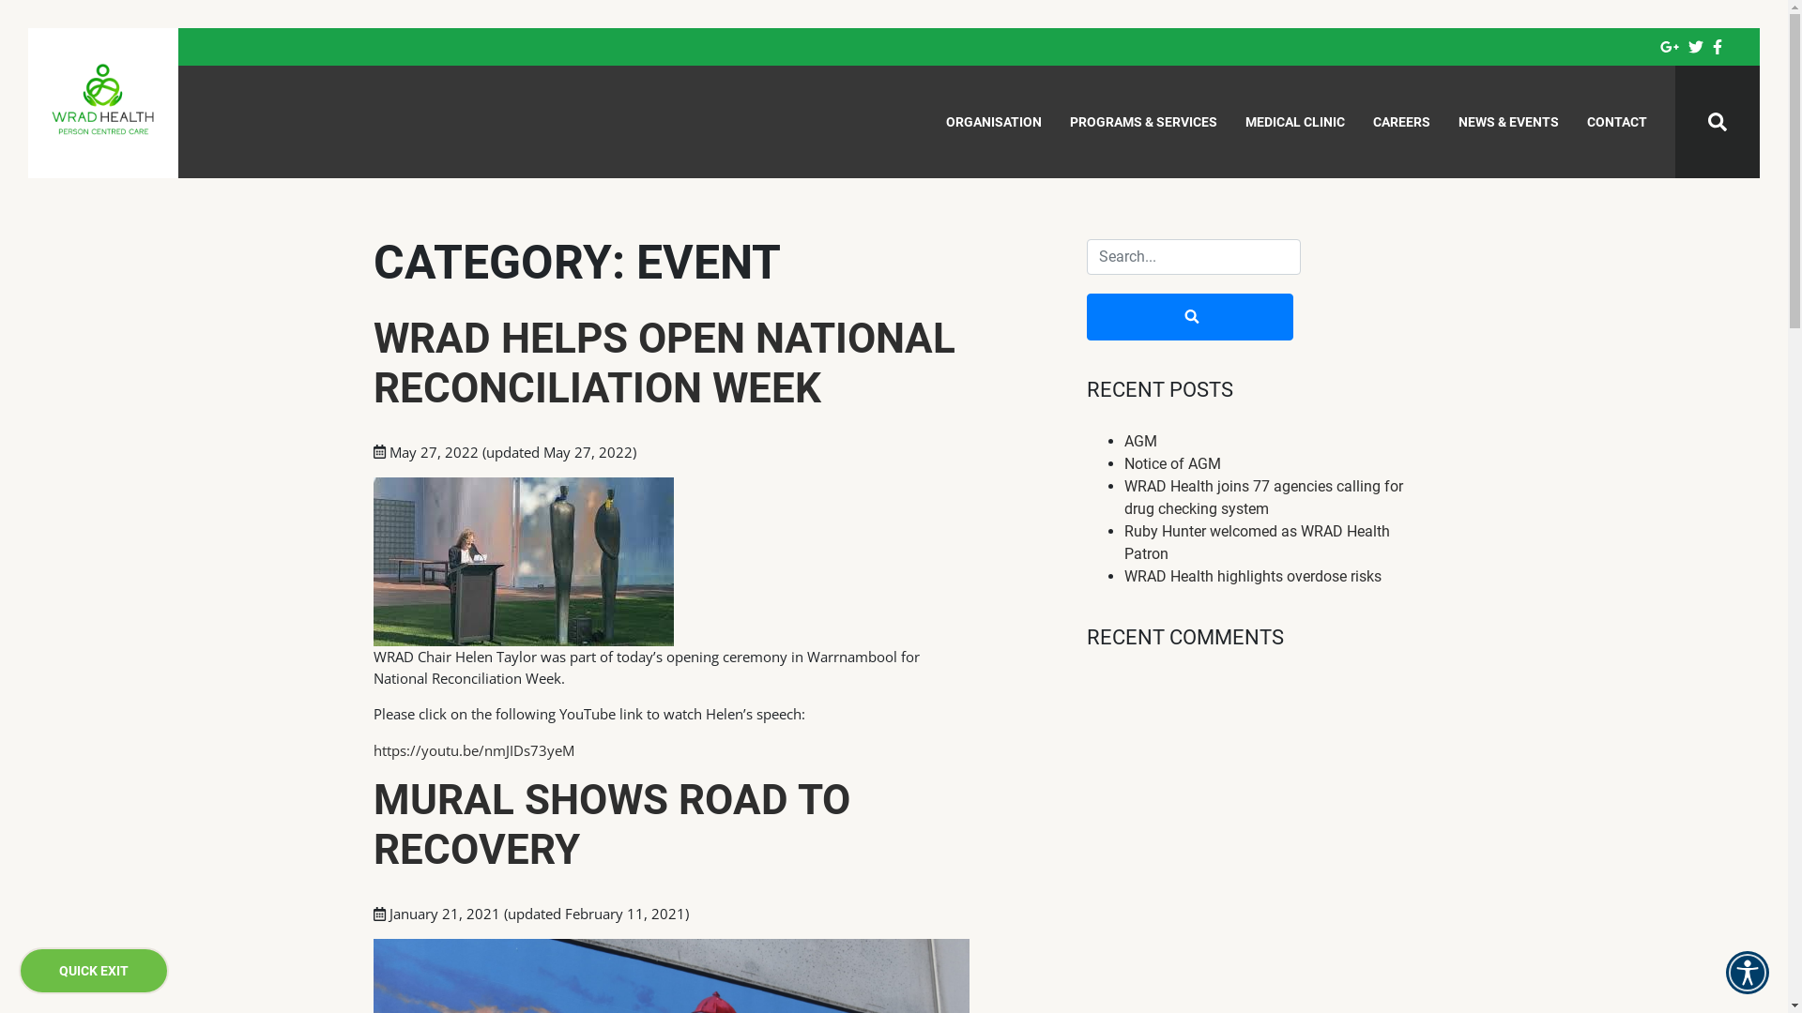  I want to click on 'CONTACT', so click(1572, 122).